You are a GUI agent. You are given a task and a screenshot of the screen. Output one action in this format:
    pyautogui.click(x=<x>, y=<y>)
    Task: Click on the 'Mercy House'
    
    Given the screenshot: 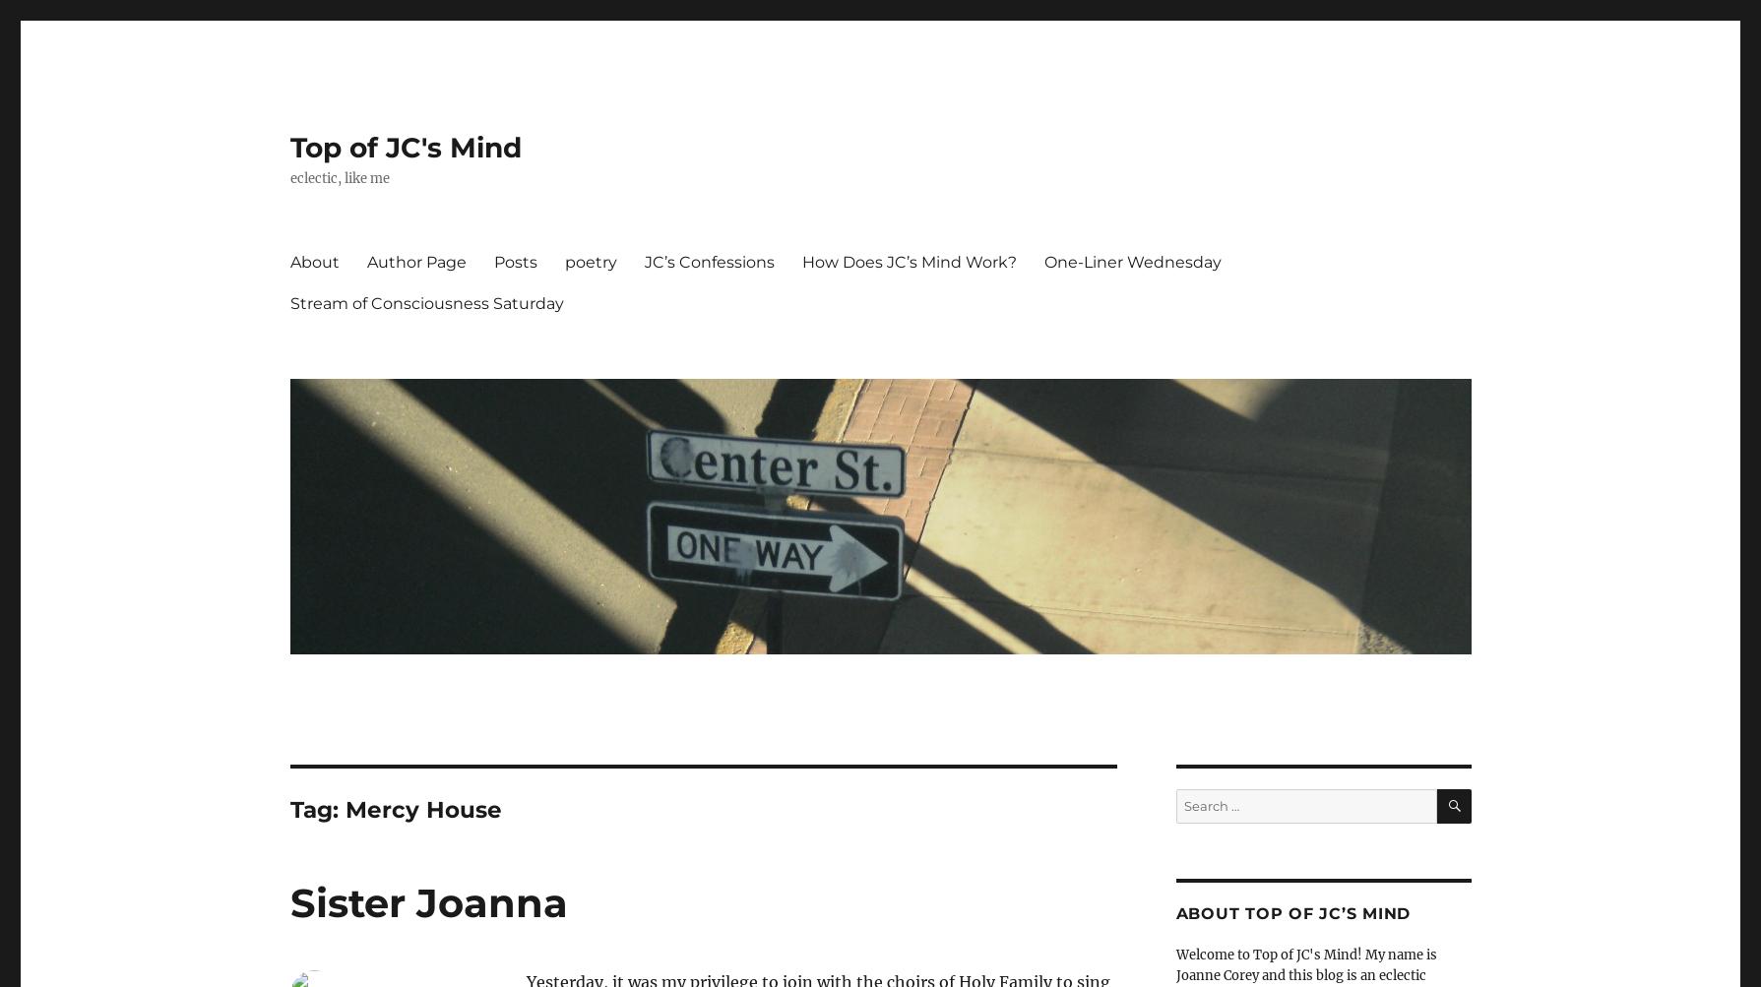 What is the action you would take?
    pyautogui.click(x=421, y=809)
    